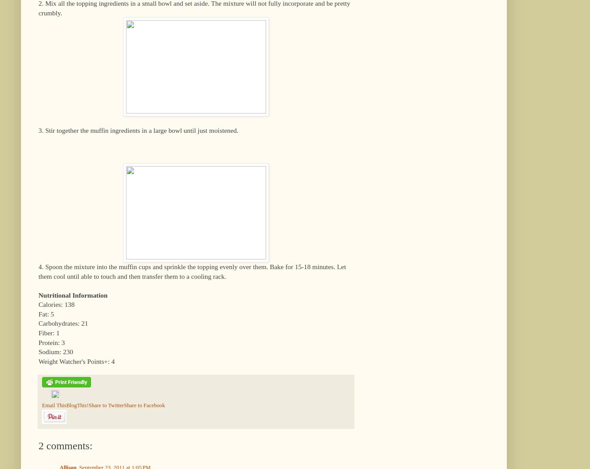 The width and height of the screenshot is (590, 469). I want to click on 'Share to Facebook', so click(144, 405).